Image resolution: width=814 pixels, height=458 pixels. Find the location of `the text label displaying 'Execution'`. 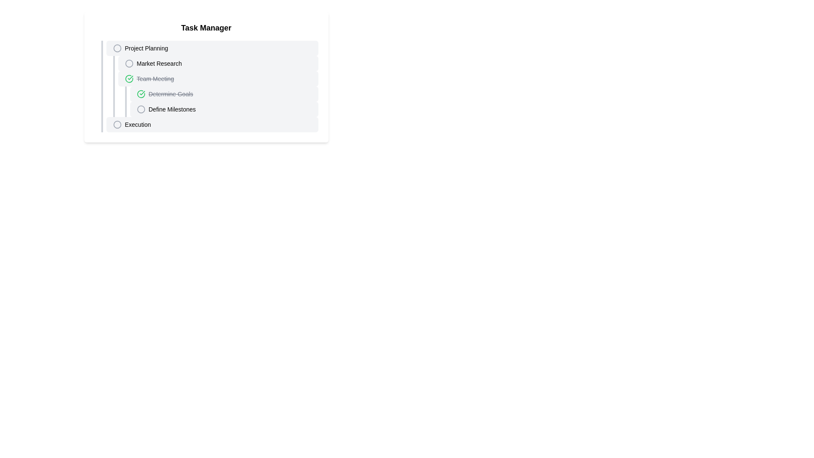

the text label displaying 'Execution' is located at coordinates (138, 124).